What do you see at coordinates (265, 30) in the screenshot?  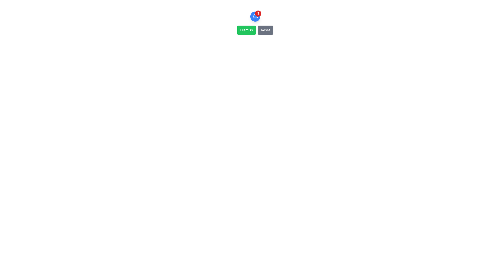 I see `the rectangular 'Reset' button with rounded corners and a gray background` at bounding box center [265, 30].